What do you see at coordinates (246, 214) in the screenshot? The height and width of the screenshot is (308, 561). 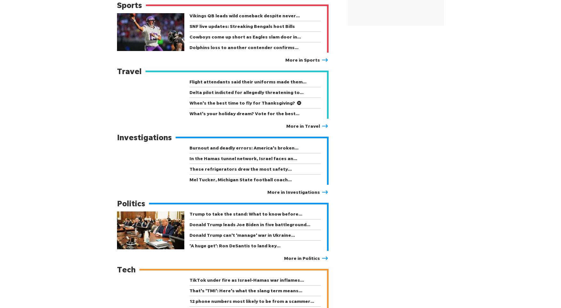 I see `'Trump to take the stand: What to know before…'` at bounding box center [246, 214].